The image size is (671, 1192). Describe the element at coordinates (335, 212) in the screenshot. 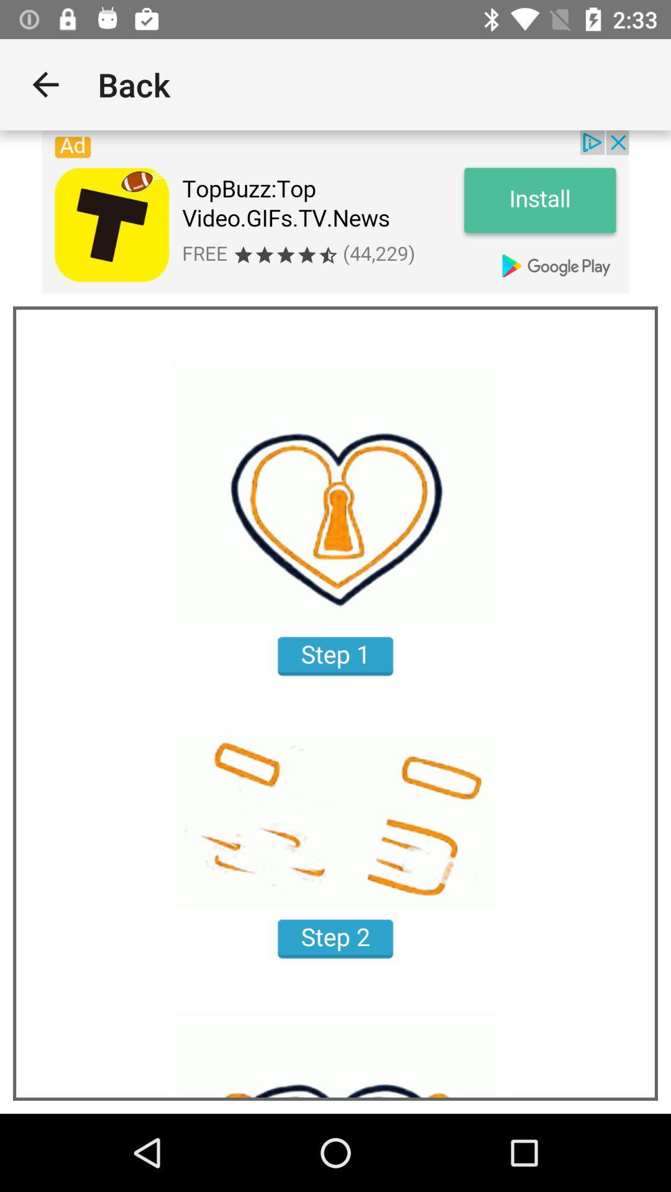

I see `advertisement page` at that location.